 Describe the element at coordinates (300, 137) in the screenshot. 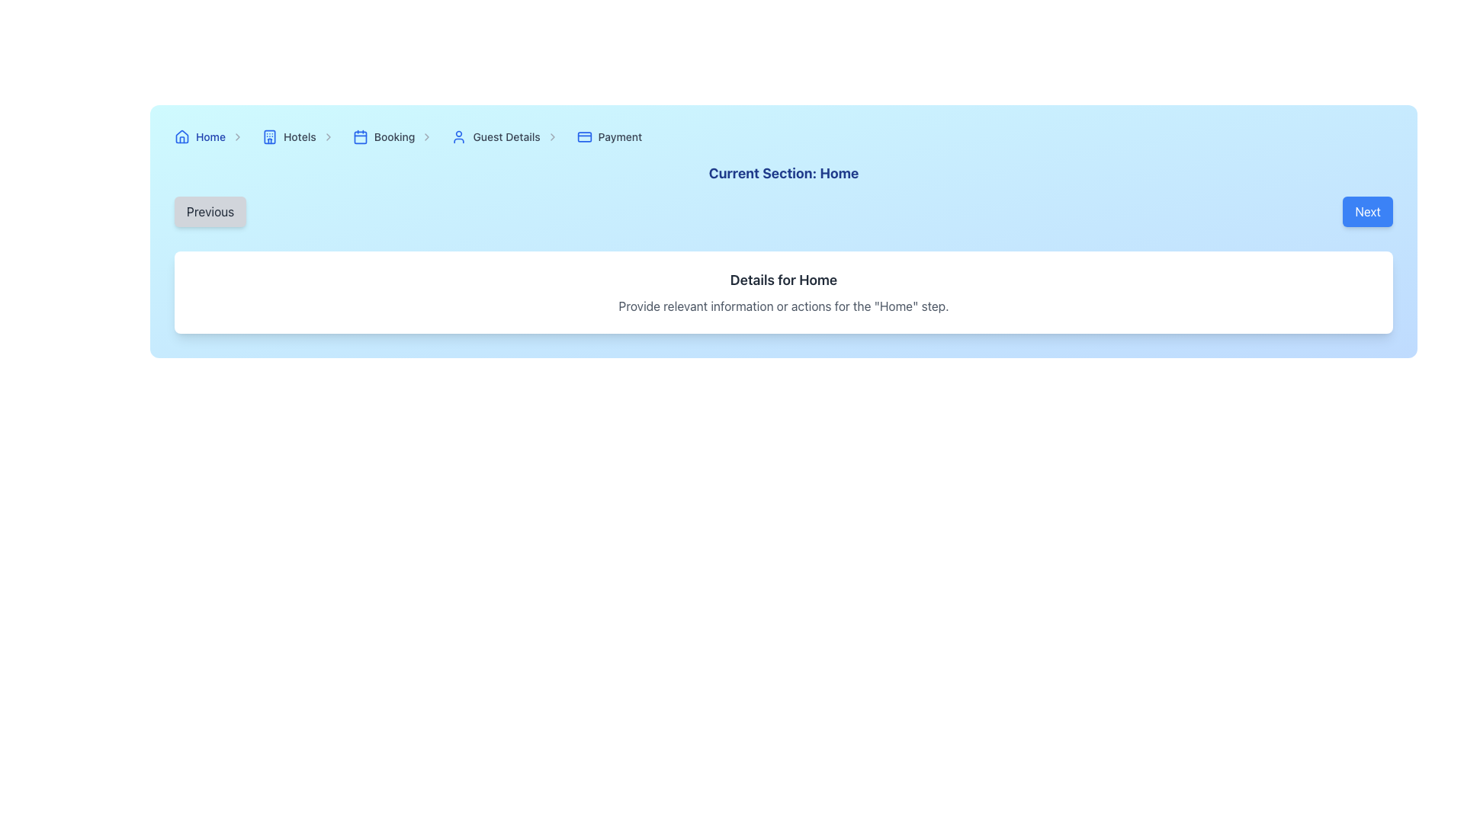

I see `the hyperlink in the navigation bar that redirects to the Hotels page to trigger the color change effect` at that location.